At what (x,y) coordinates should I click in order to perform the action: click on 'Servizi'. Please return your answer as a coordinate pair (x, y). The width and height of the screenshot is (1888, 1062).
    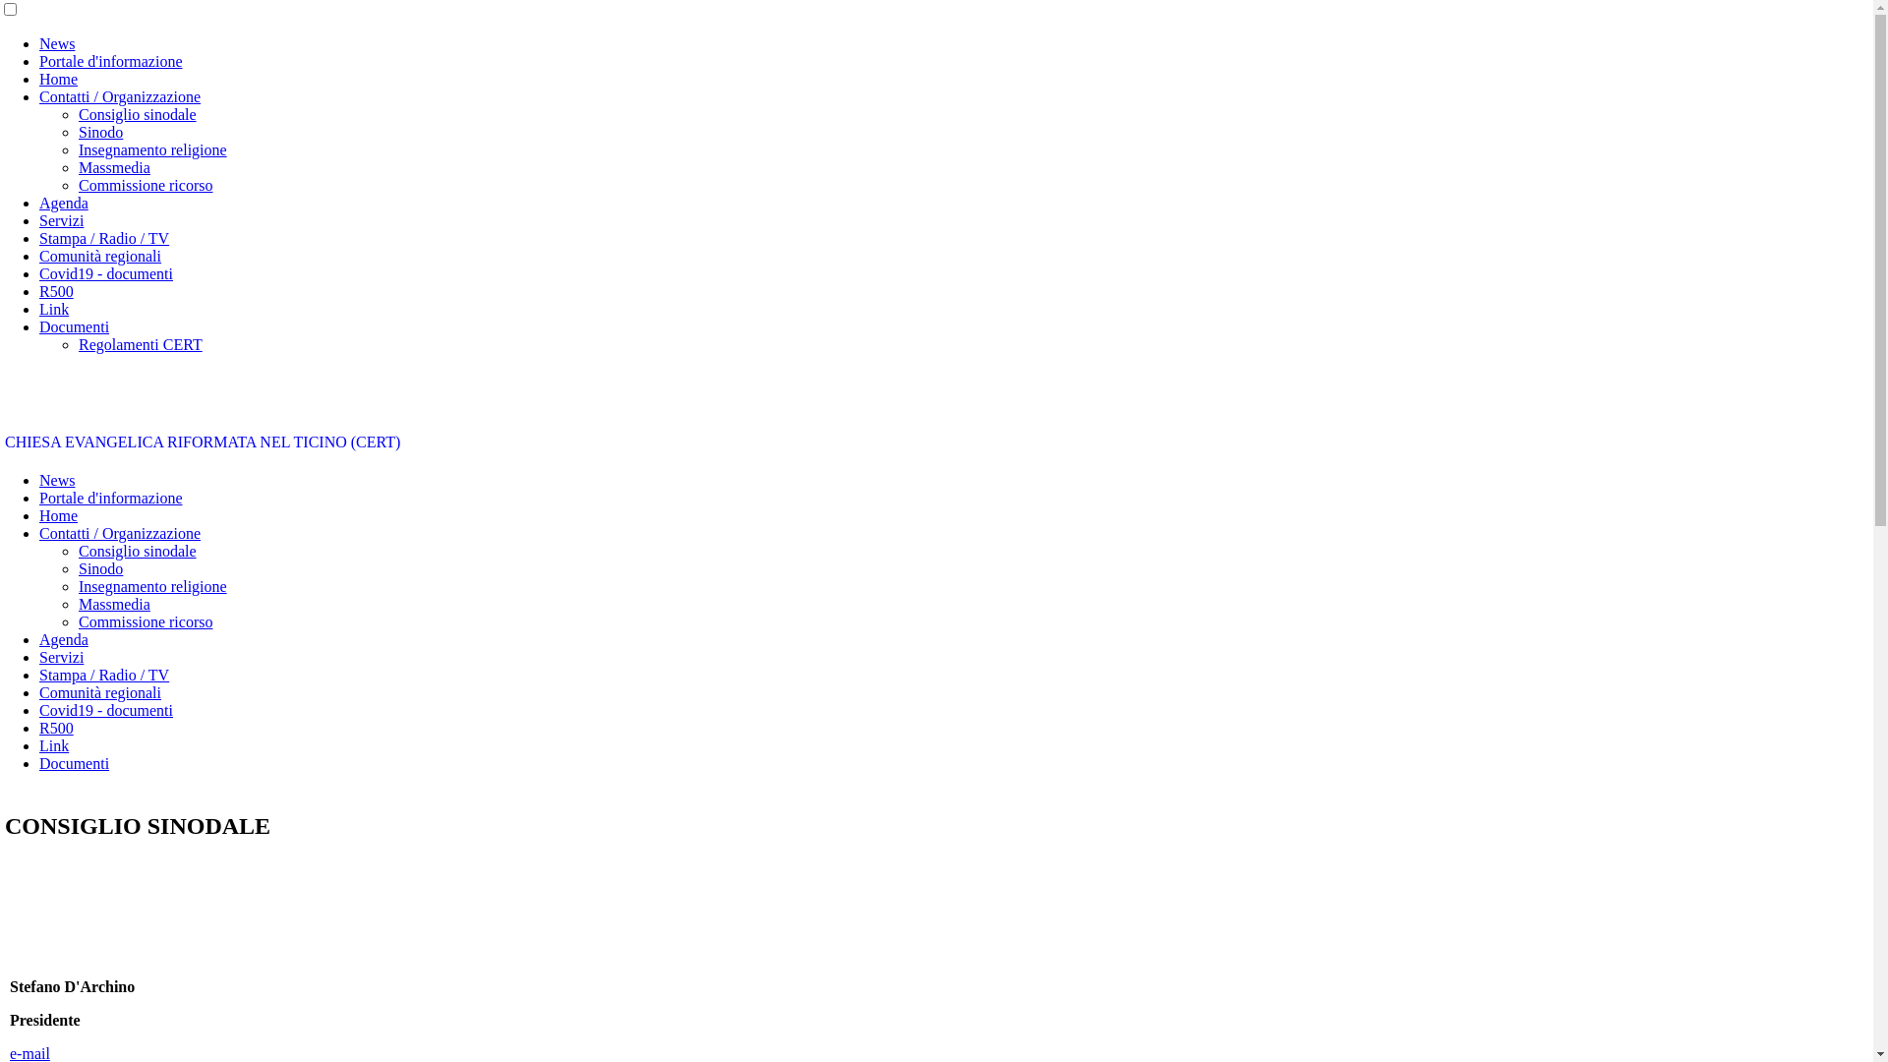
    Looking at the image, I should click on (38, 657).